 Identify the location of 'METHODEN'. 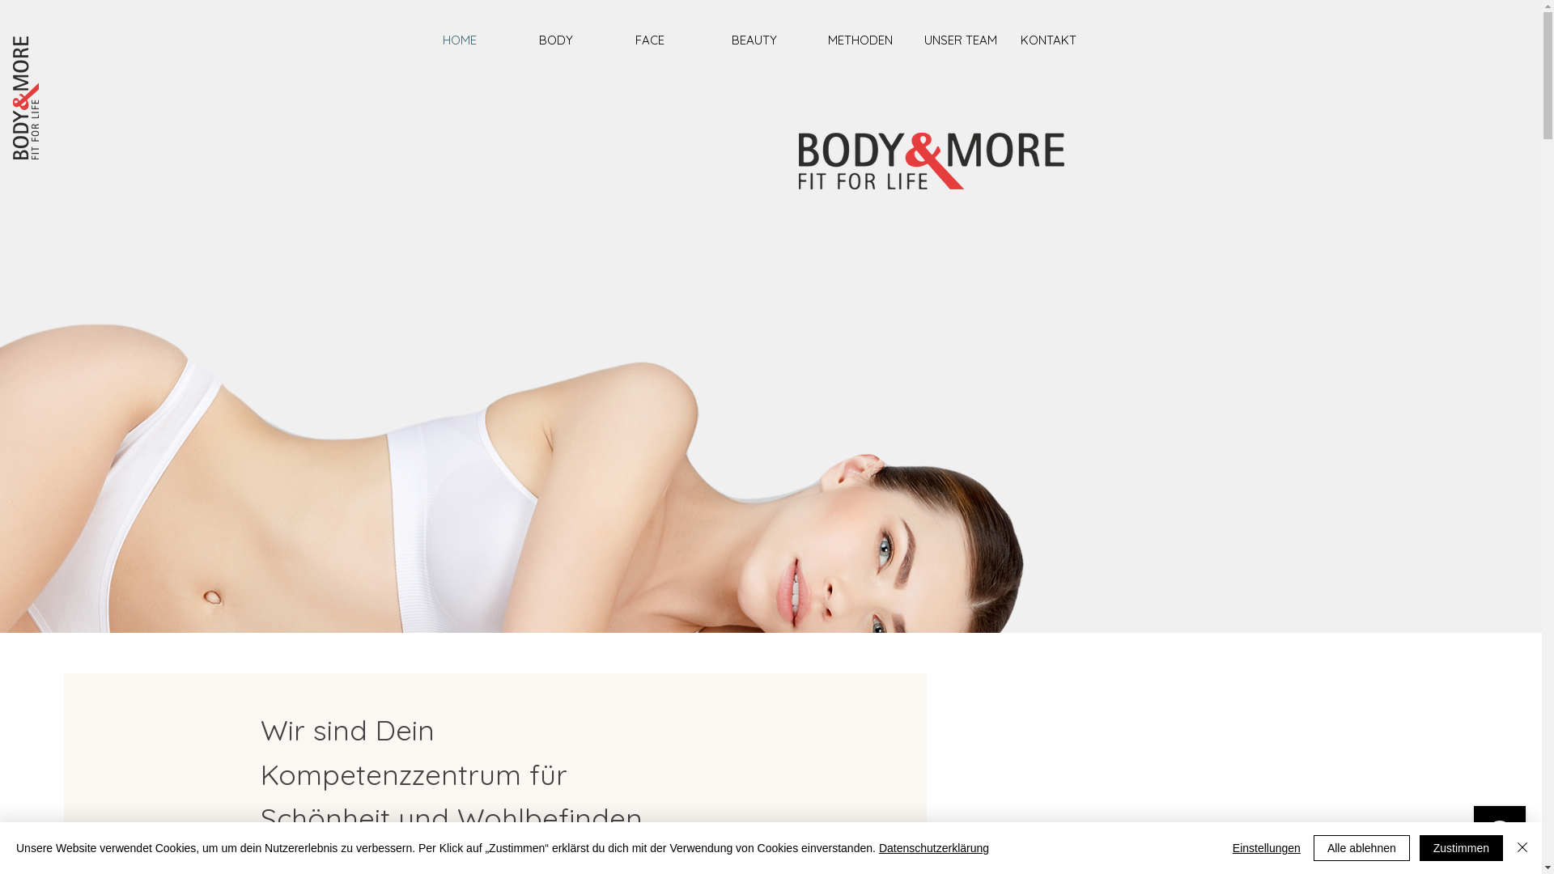
(866, 40).